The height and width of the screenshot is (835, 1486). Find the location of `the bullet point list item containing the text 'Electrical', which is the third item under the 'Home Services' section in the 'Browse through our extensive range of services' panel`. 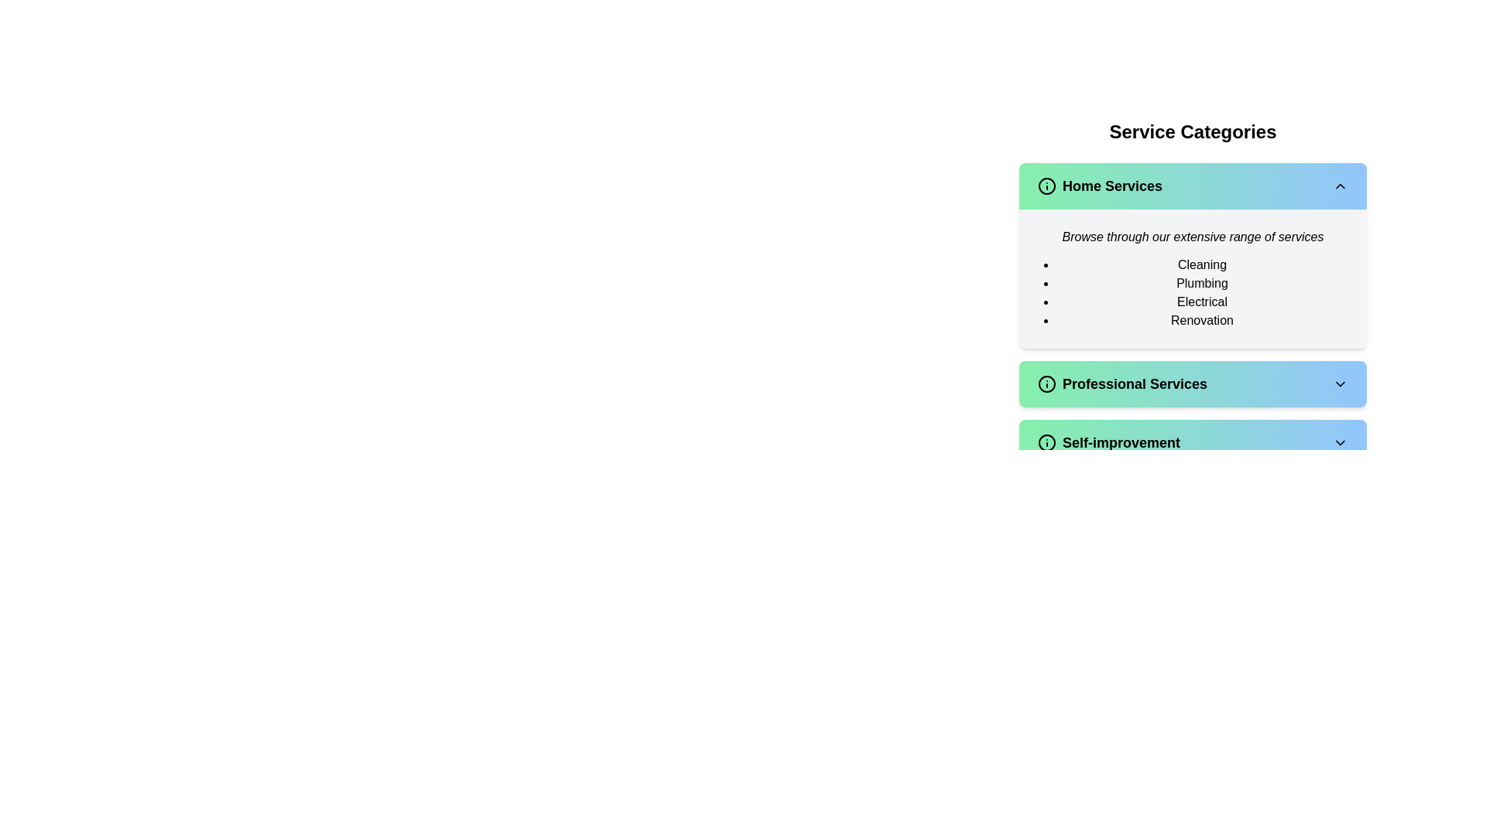

the bullet point list item containing the text 'Electrical', which is the third item under the 'Home Services' section in the 'Browse through our extensive range of services' panel is located at coordinates (1192, 292).